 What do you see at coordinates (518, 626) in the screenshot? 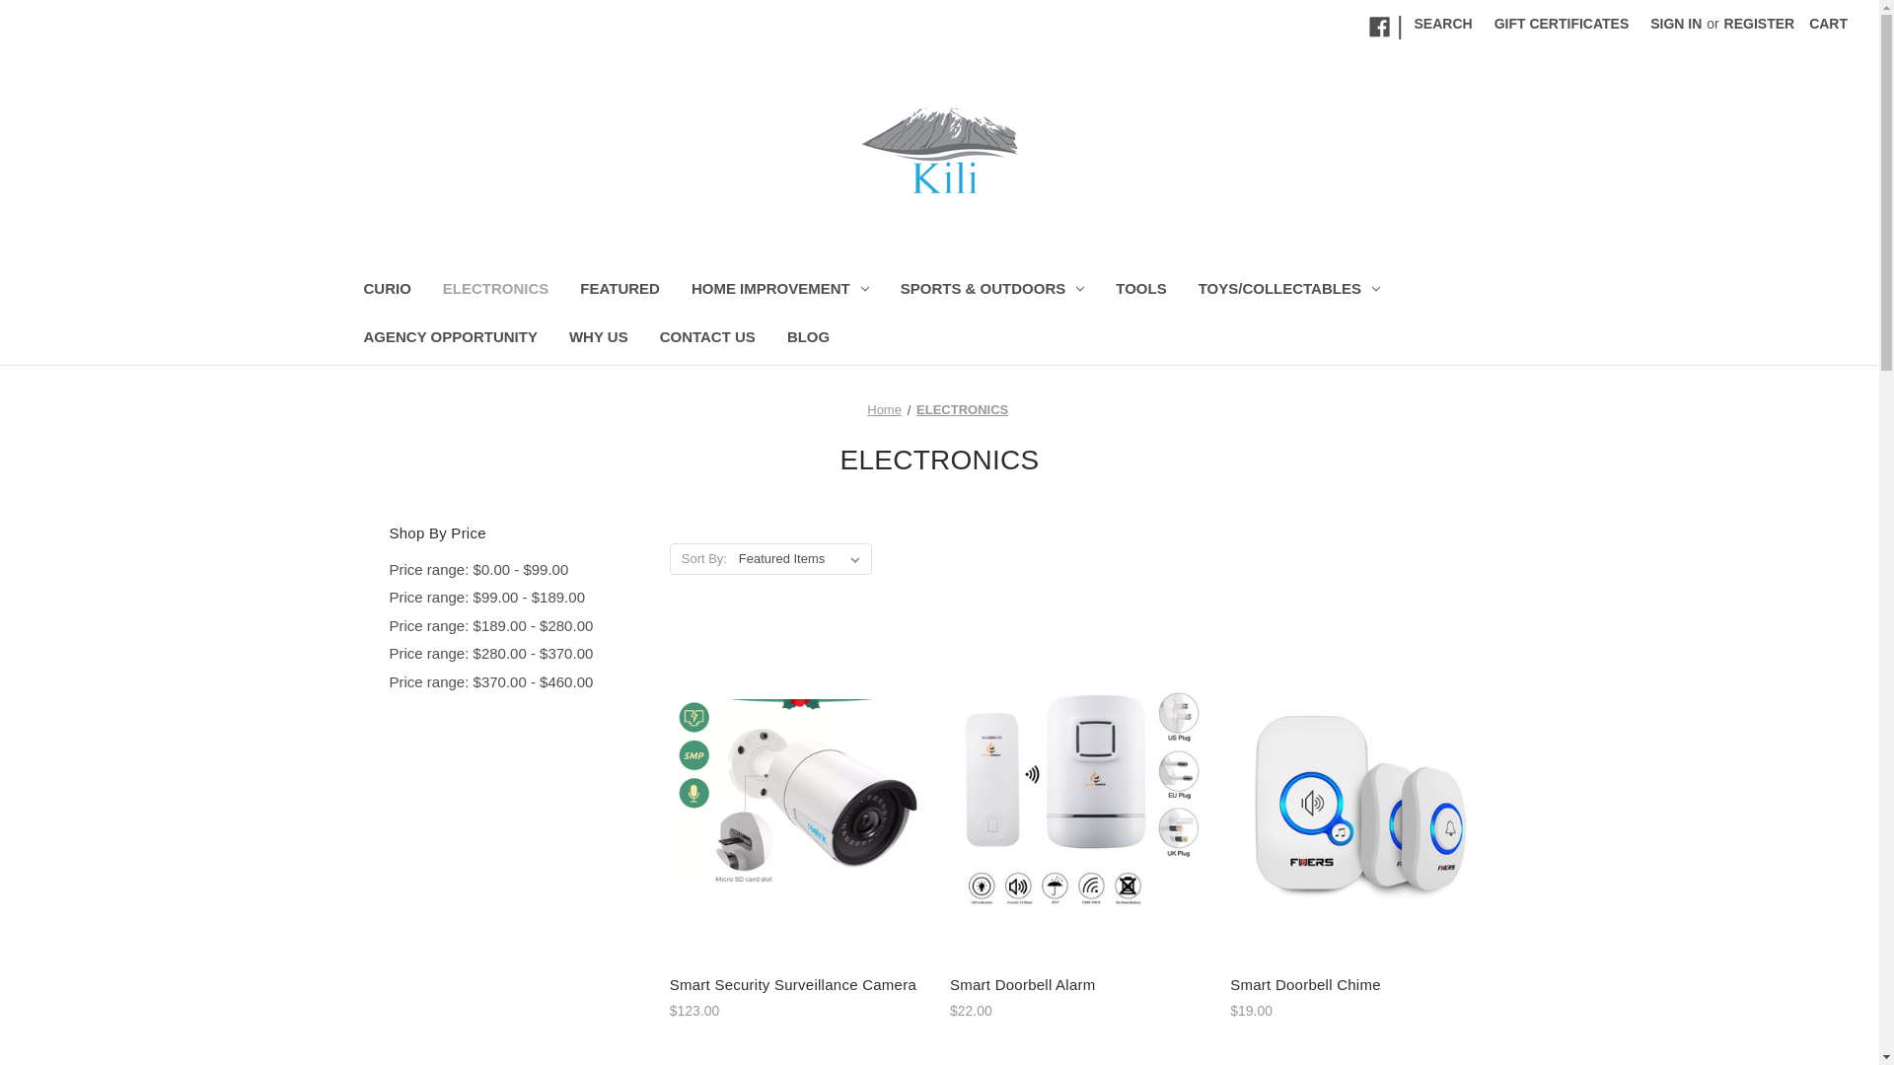
I see `'Price range: $189.00 - $280.00'` at bounding box center [518, 626].